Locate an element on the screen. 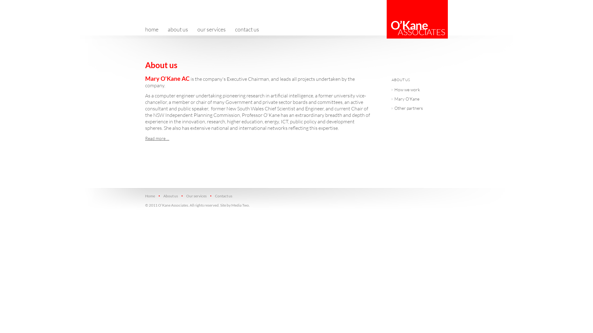  'about us' is located at coordinates (178, 29).